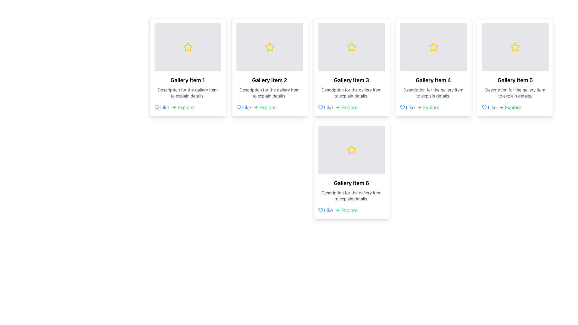 The image size is (578, 325). What do you see at coordinates (174, 107) in the screenshot?
I see `the rightward arrow SVG element, which serves as a navigation button beneath 'Gallery Item 1'` at bounding box center [174, 107].